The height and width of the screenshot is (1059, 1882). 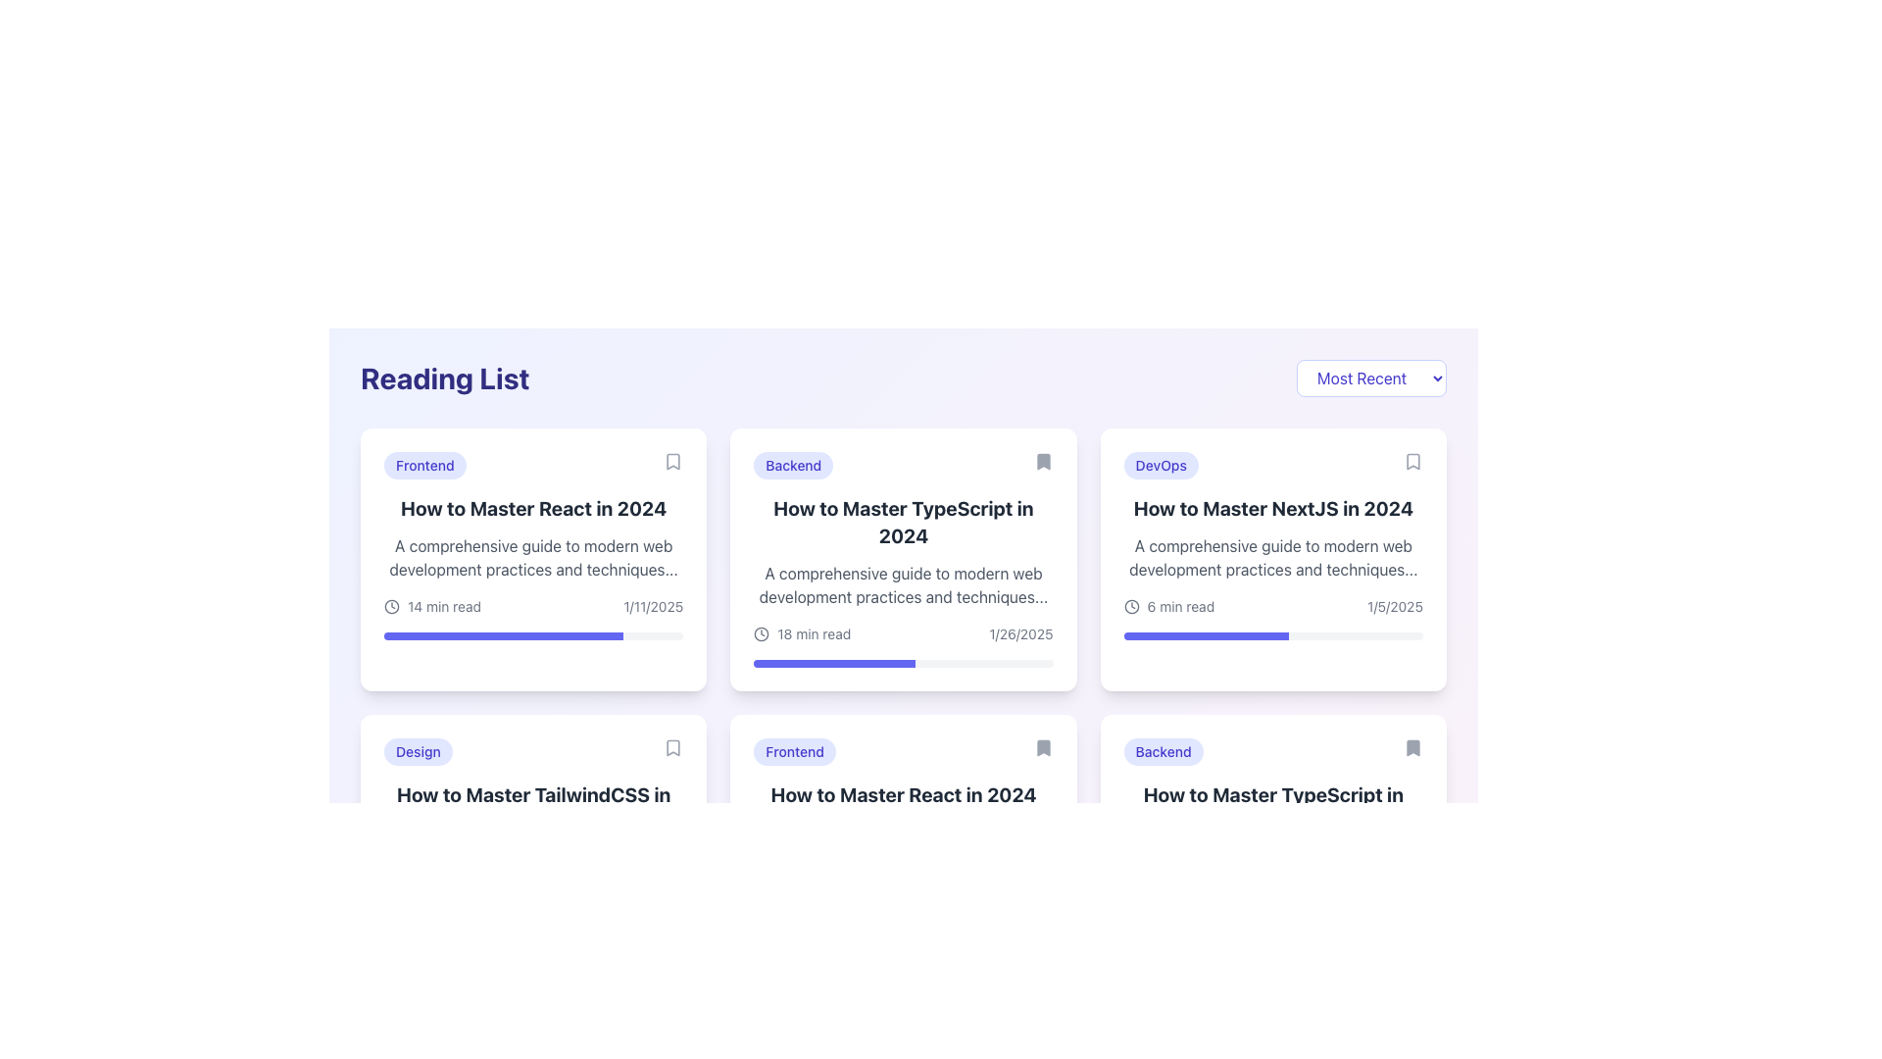 I want to click on the date indicator text label located at the bottom right corner of the card labeled 'How to Master NextJS in 2024' to associate the date with the content, so click(x=1394, y=605).